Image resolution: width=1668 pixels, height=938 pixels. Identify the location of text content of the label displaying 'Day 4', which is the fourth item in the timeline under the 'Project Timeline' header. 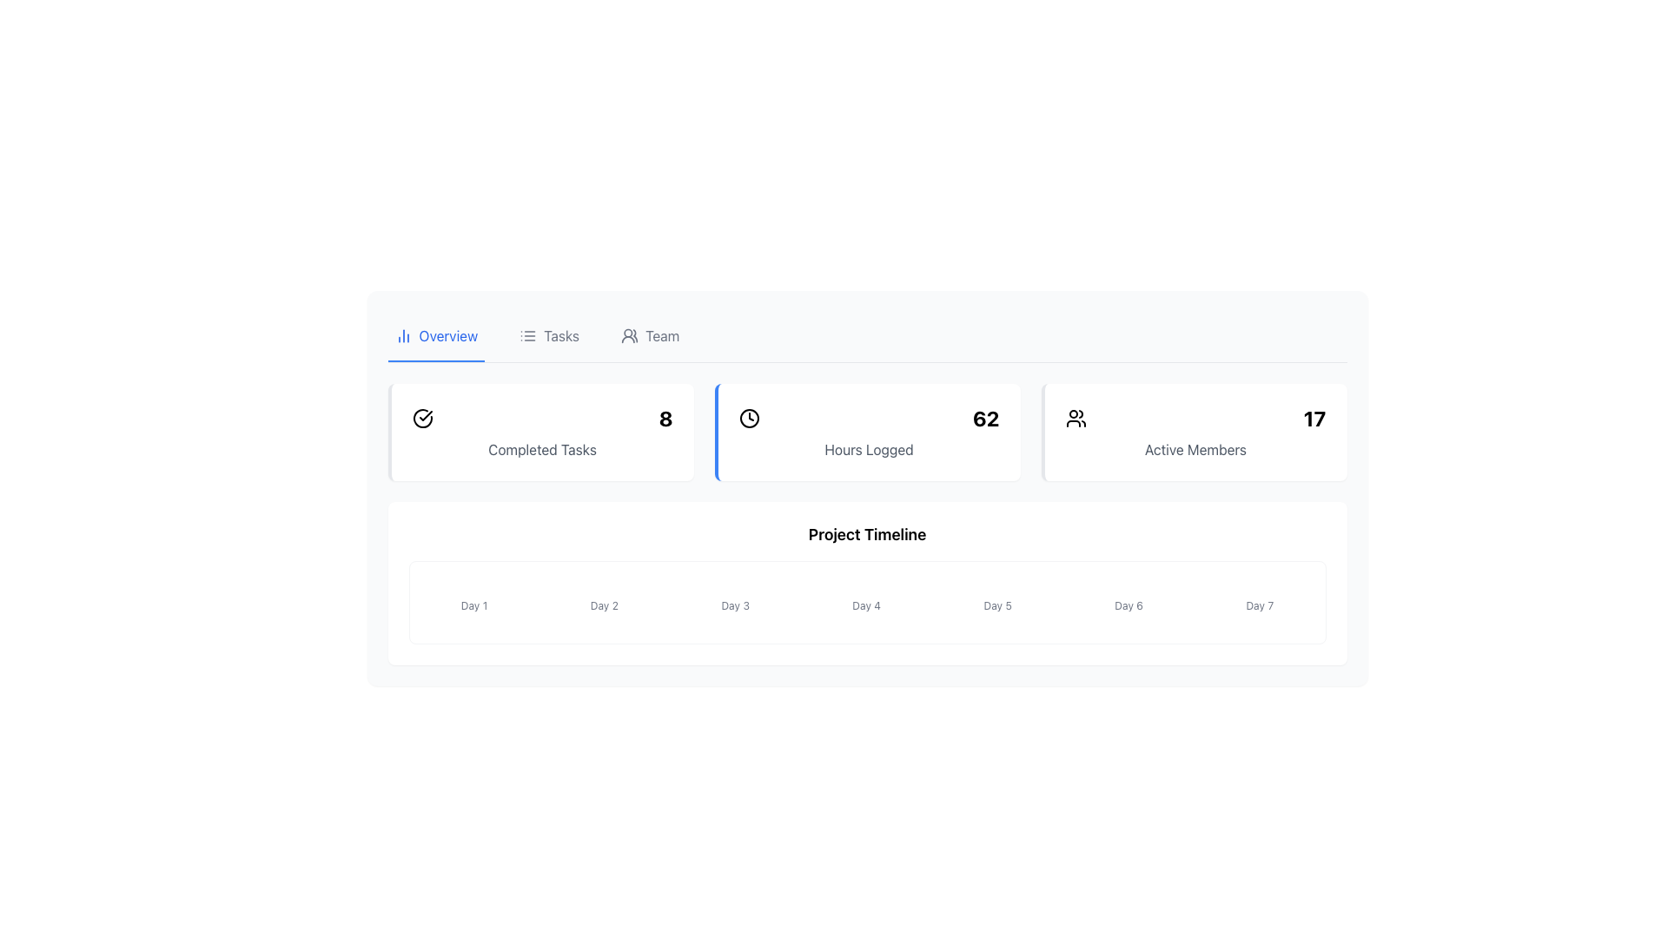
(866, 605).